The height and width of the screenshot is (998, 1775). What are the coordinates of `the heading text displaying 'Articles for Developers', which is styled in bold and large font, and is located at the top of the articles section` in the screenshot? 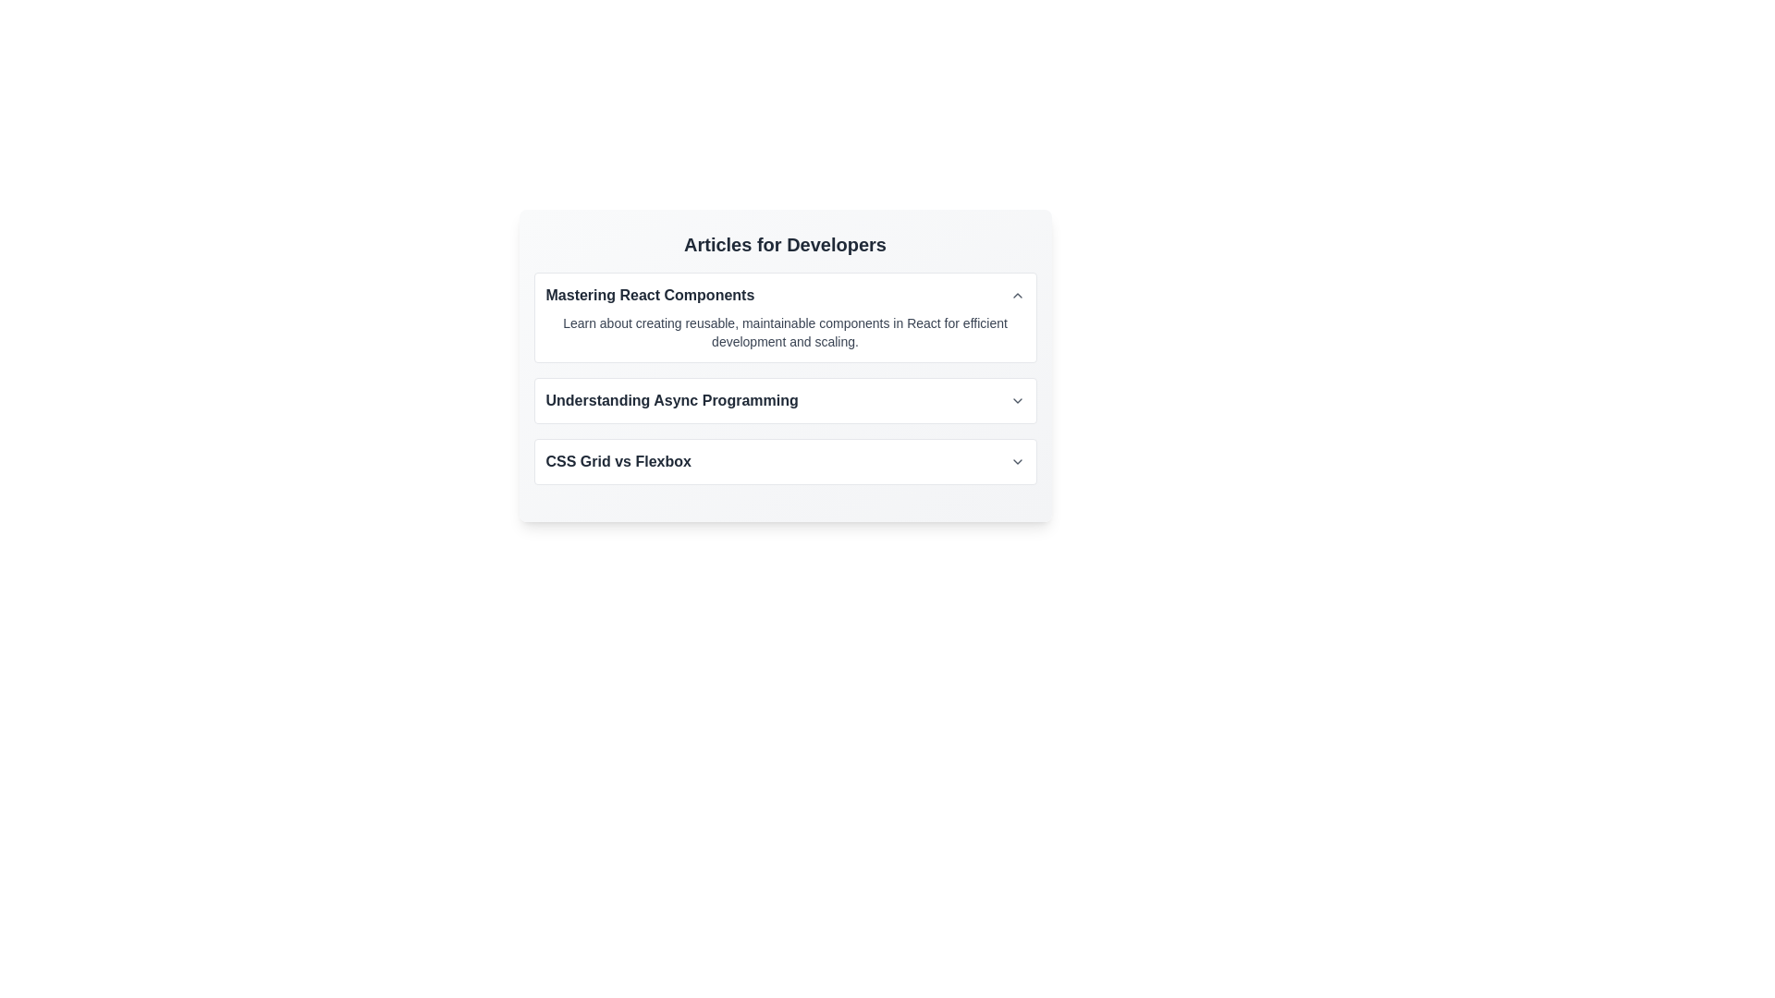 It's located at (785, 244).